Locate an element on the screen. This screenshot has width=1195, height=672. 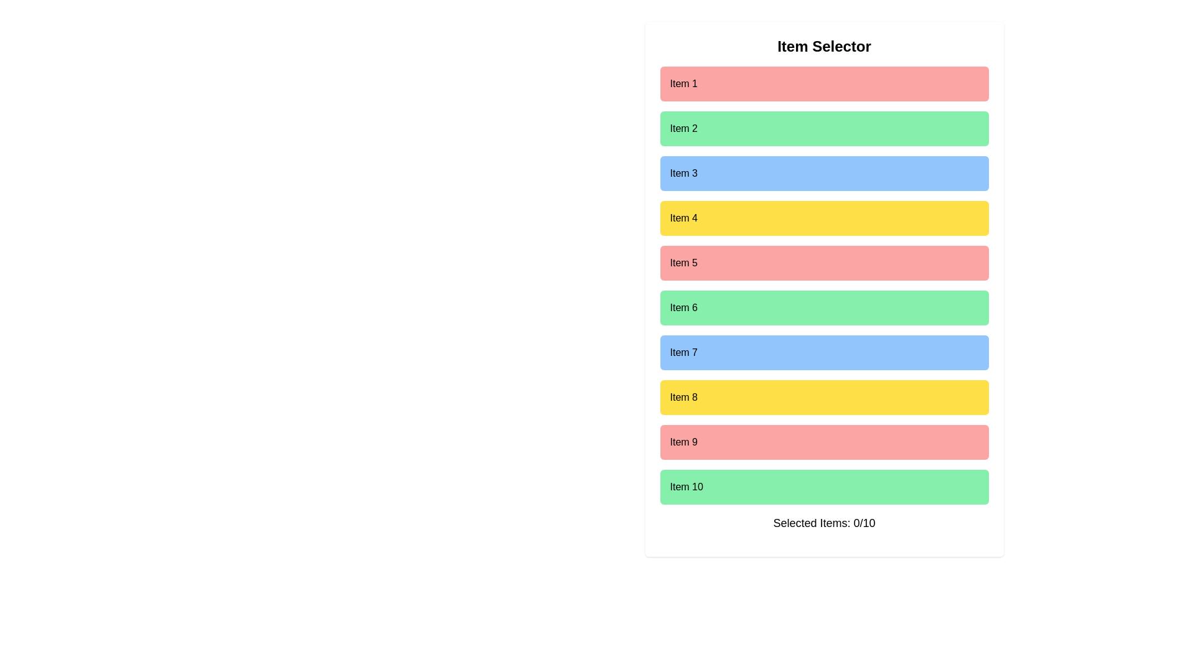
the 6th button labeled 'Item 6' in a vertical list of buttons to trigger a visual scale effect is located at coordinates (824, 307).